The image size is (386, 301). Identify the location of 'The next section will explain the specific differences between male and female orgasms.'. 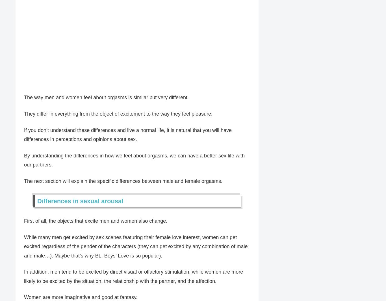
(123, 181).